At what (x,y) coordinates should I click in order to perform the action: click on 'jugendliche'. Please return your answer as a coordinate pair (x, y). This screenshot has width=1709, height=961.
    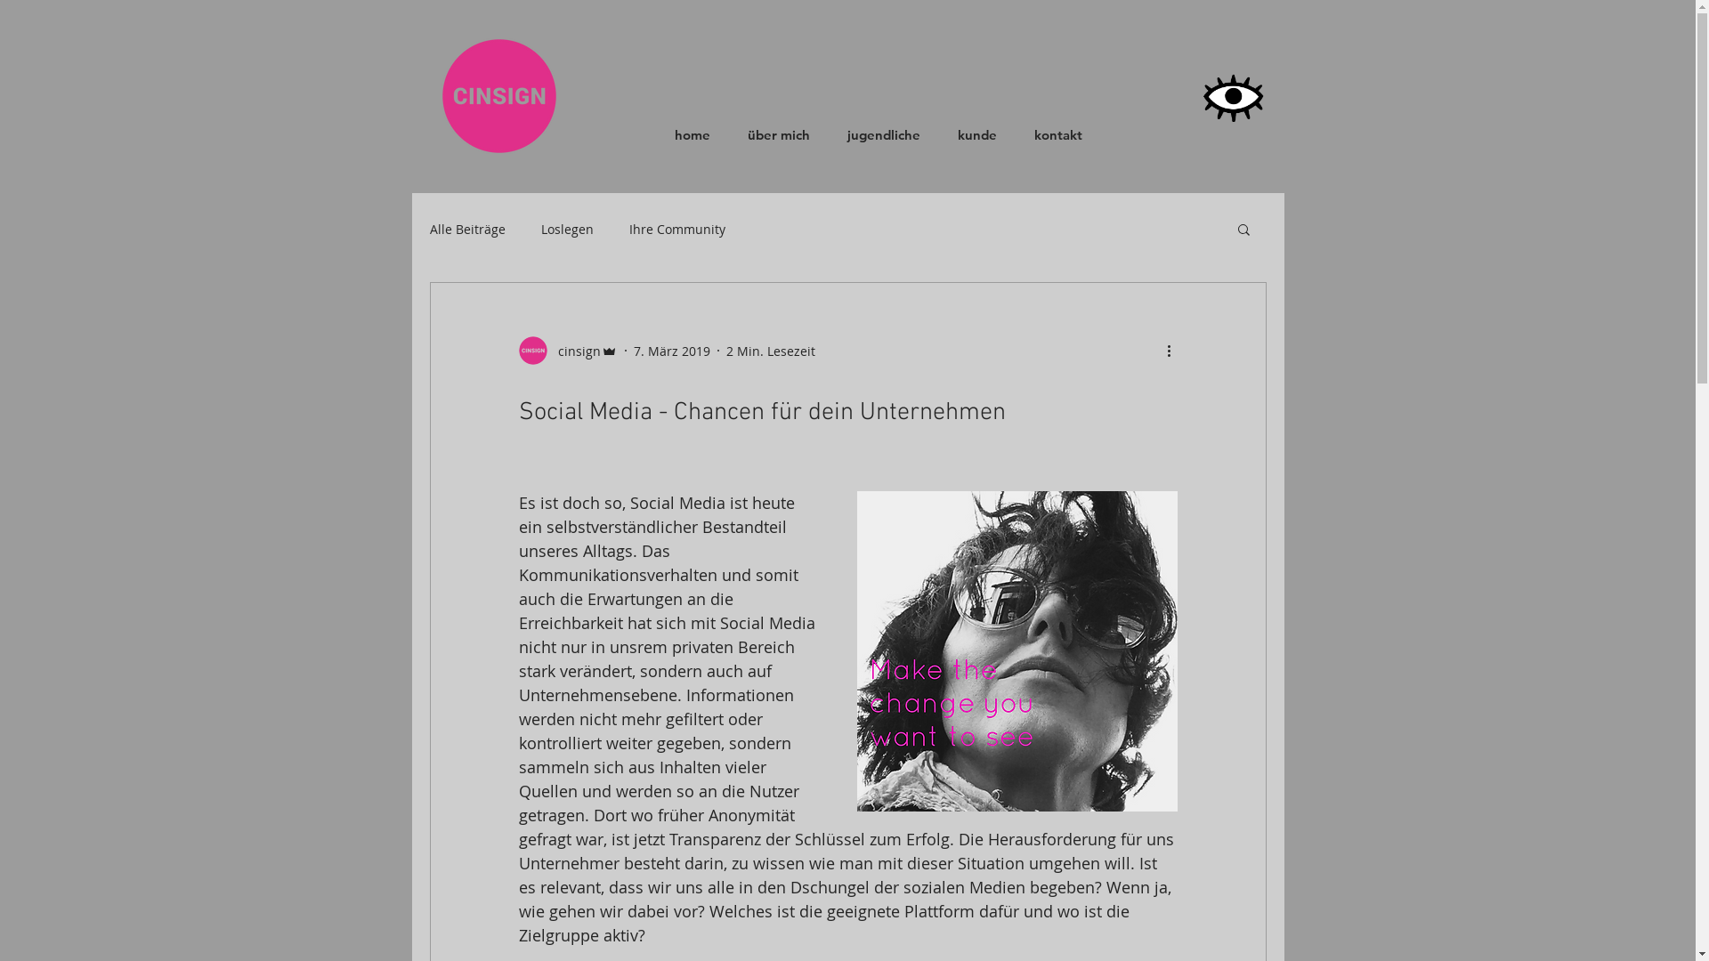
    Looking at the image, I should click on (883, 133).